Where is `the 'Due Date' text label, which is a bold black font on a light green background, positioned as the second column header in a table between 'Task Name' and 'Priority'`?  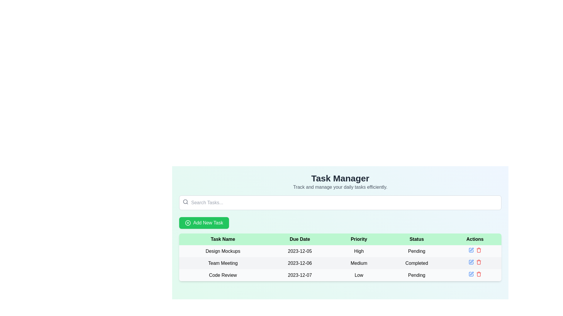 the 'Due Date' text label, which is a bold black font on a light green background, positioned as the second column header in a table between 'Task Name' and 'Priority' is located at coordinates (300, 239).